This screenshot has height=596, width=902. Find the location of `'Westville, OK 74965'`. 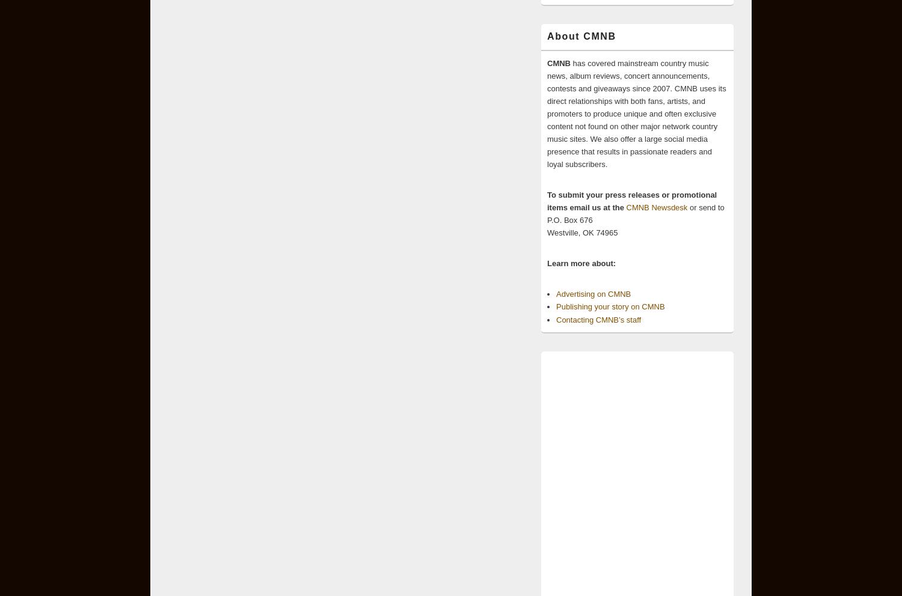

'Westville, OK 74965' is located at coordinates (581, 233).